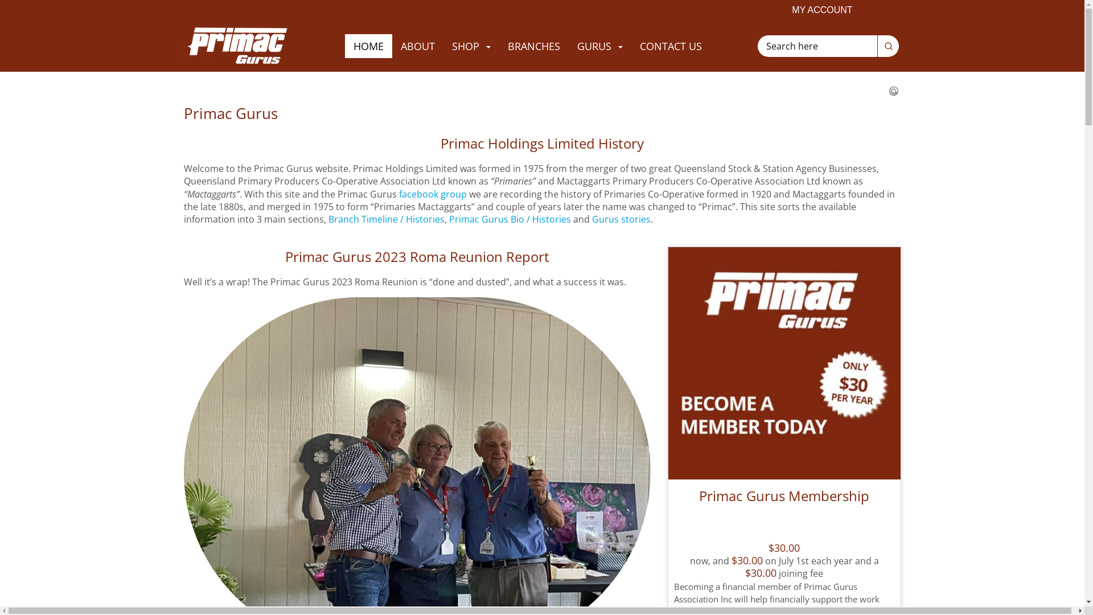 The image size is (1093, 615). What do you see at coordinates (499, 46) in the screenshot?
I see `'BRANCHES'` at bounding box center [499, 46].